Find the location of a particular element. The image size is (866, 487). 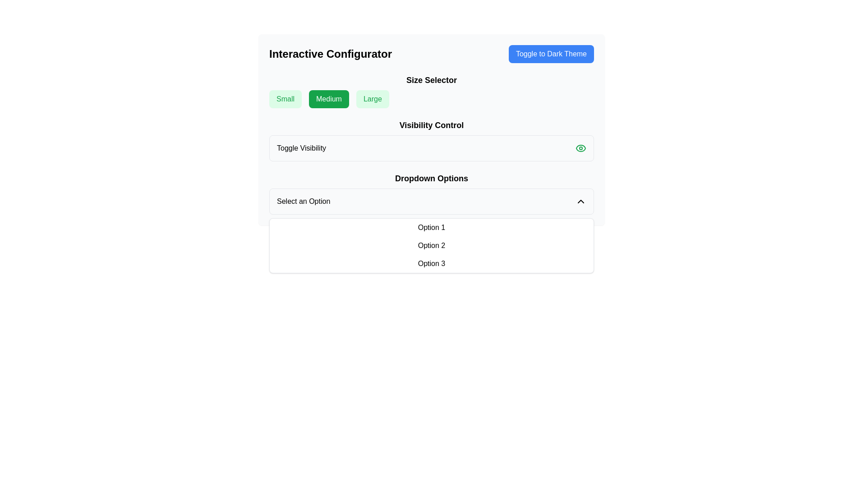

the Dropdown menu located below the 'Dropdown Options' headline, which allows users to select from 'Option 1', 'Option 2', and 'Option 3' is located at coordinates (431, 201).